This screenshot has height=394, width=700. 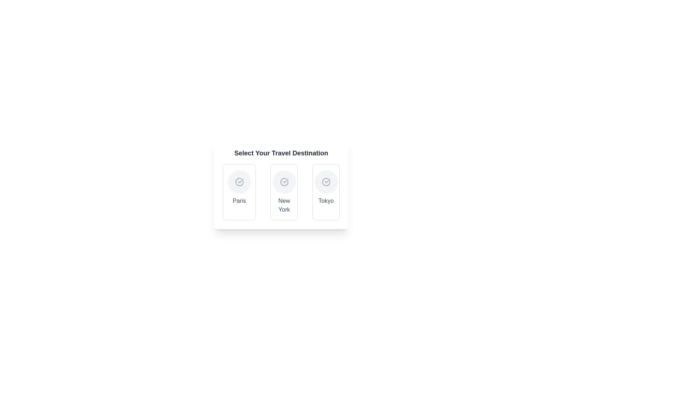 I want to click on the 'Tokyo' text label, which is styled with a medium-sized gray font and located within the rightmost card of the horizontal selection menu labeled 'Select Your Travel Destination', so click(x=326, y=201).